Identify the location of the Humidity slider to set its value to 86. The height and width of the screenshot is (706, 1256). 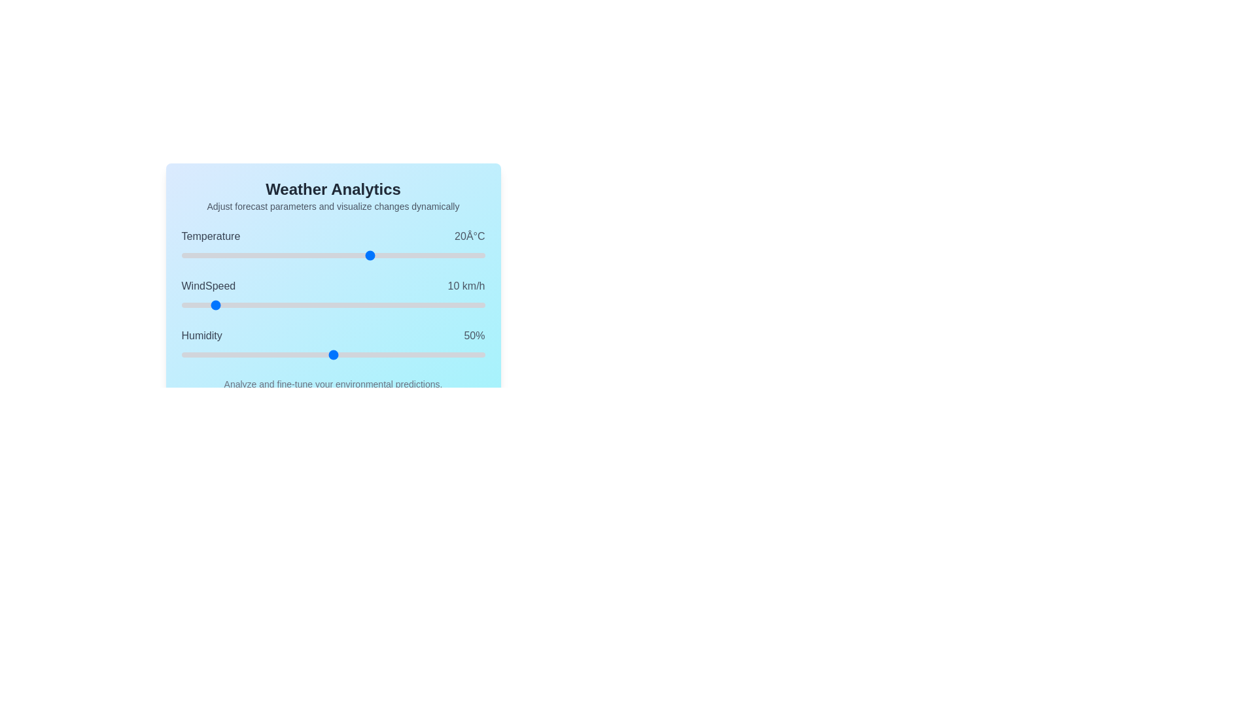
(442, 355).